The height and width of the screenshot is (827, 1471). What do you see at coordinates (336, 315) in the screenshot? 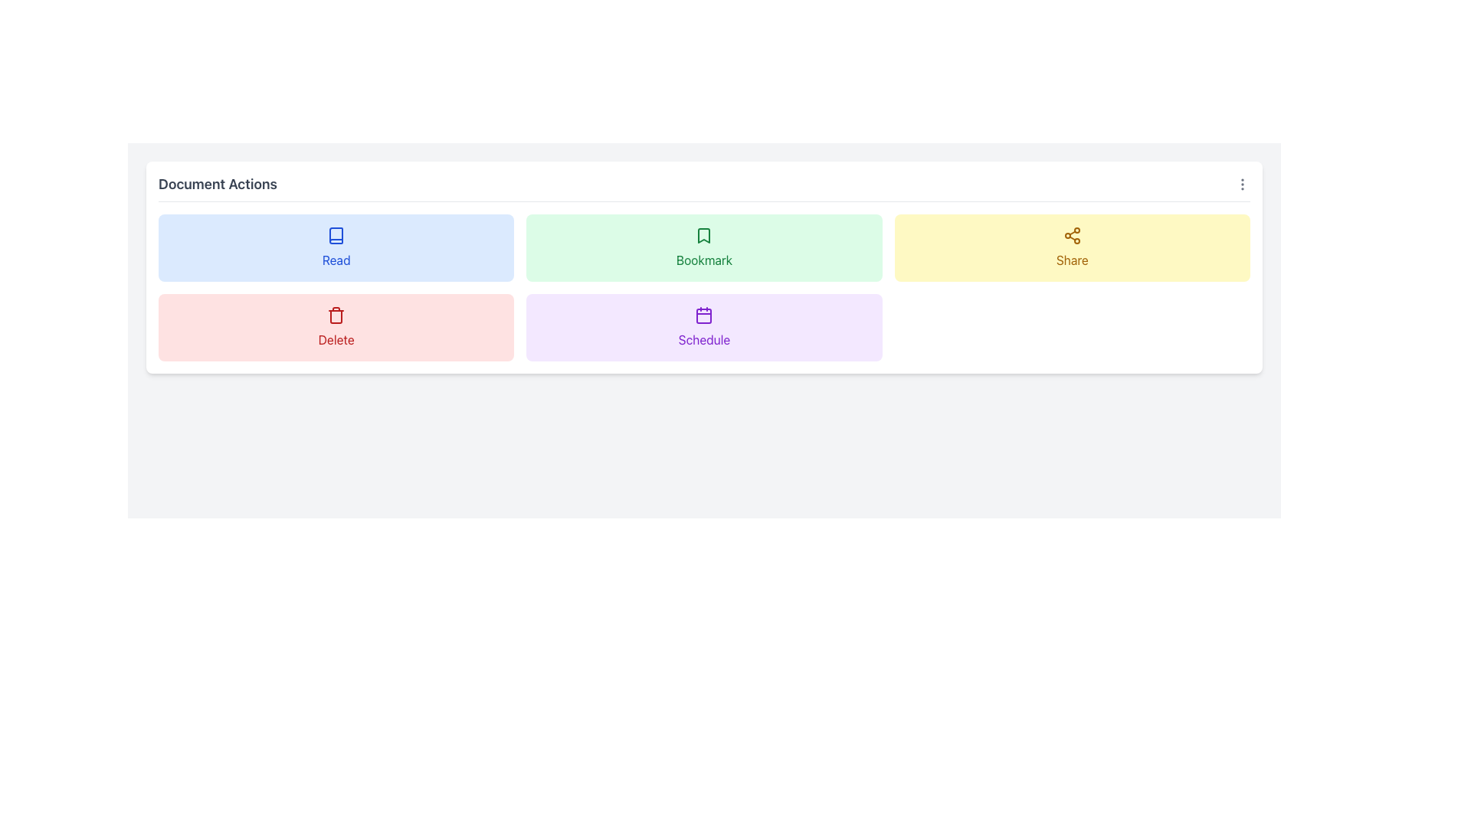
I see `the trash icon, which is centrally positioned inside the light red button labeled 'Delete'` at bounding box center [336, 315].